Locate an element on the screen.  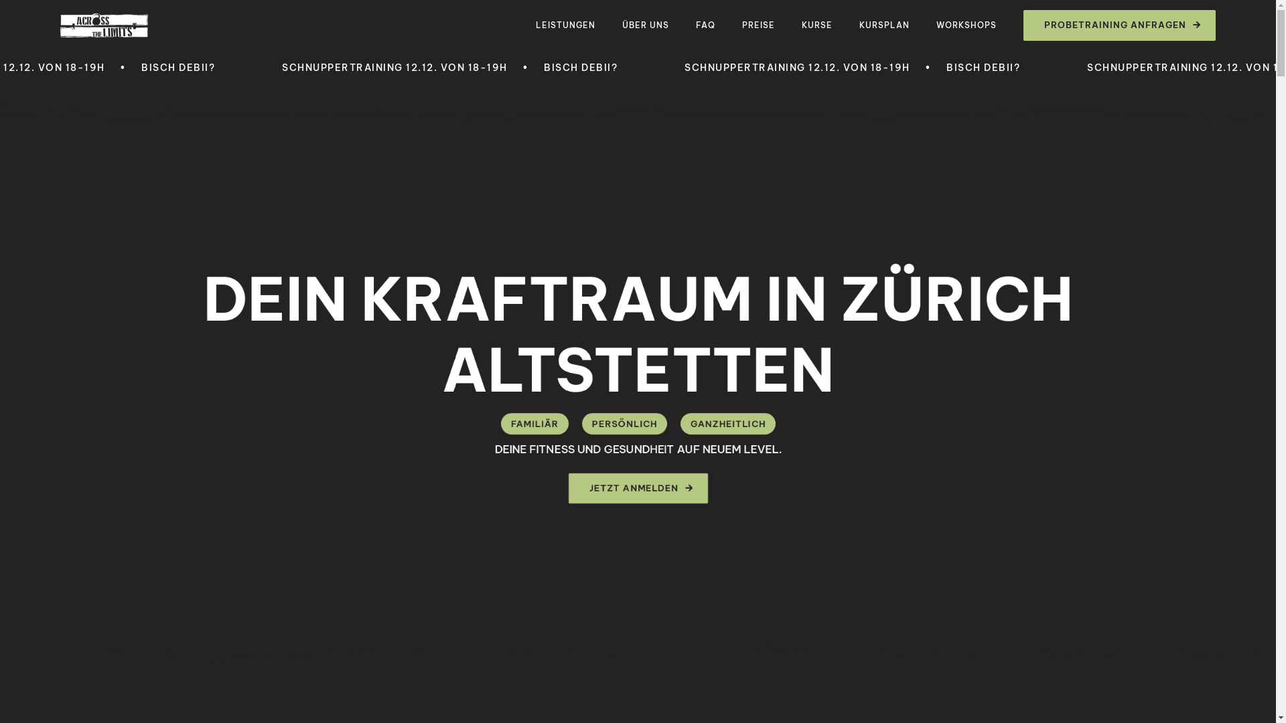
'WORKSHOPS' is located at coordinates (980, 25).